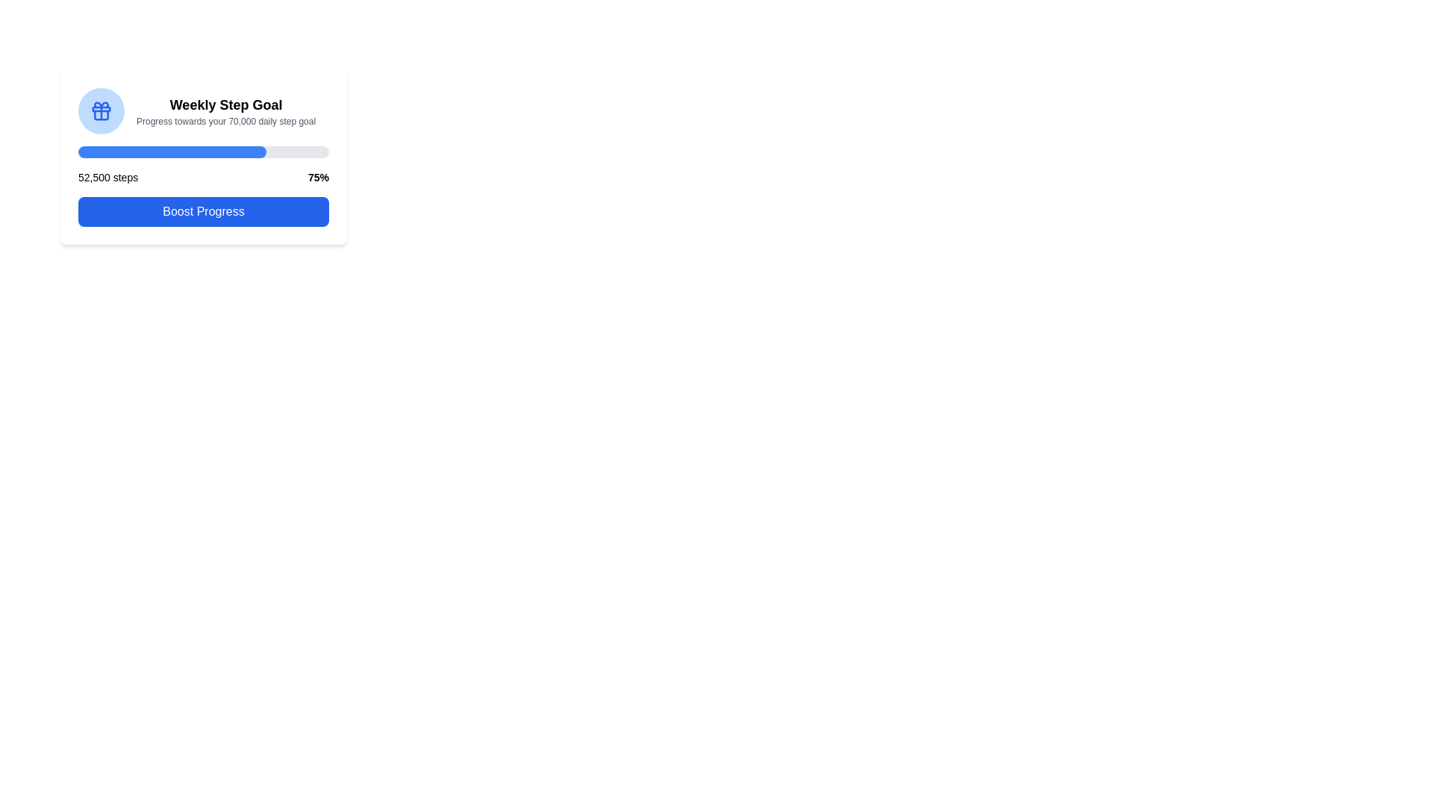  I want to click on information provided in the Text Label that elaborates on the user's progress towards the weekly step goal, located beneath the 'Weekly Step Goal' text, so click(225, 120).